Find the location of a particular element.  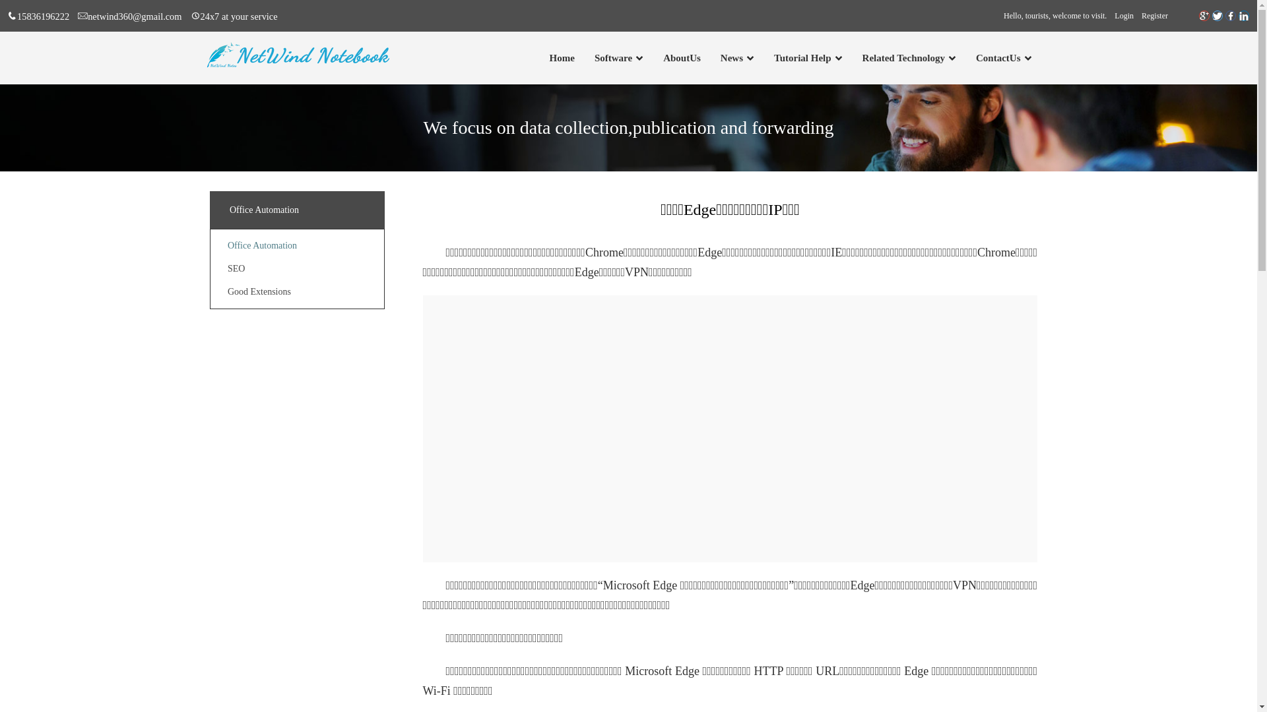

'Register' is located at coordinates (1154, 15).